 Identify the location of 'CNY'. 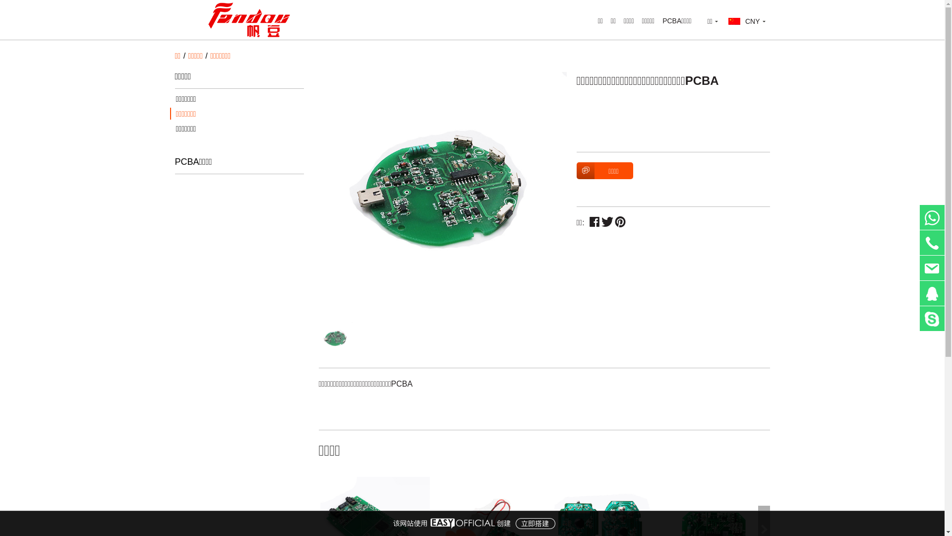
(747, 21).